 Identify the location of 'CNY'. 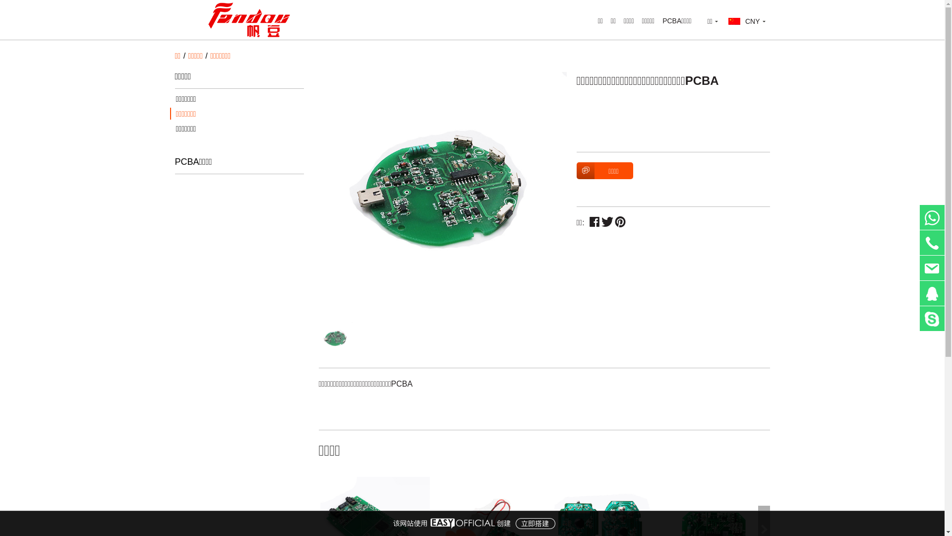
(747, 21).